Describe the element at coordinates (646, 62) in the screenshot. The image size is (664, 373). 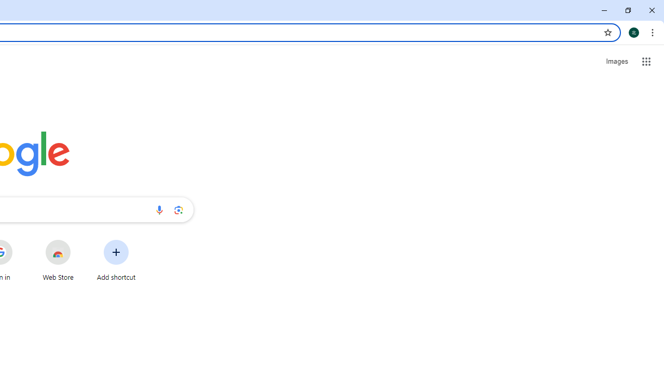
I see `'Google apps'` at that location.